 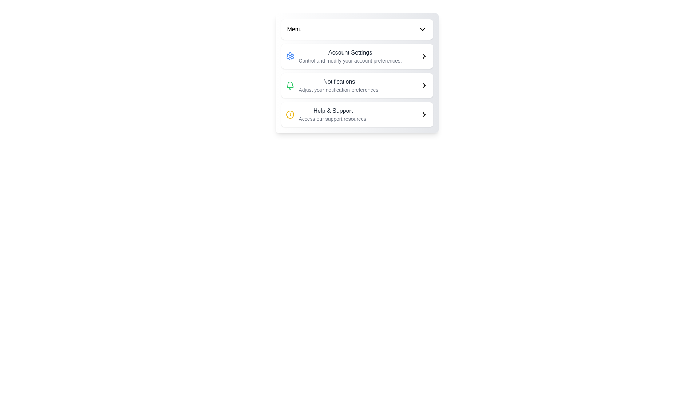 I want to click on the informational text that states 'Control and modify your account preferences.', which is located directly below the 'Account Settings' title in a smaller gray font, so click(x=350, y=60).